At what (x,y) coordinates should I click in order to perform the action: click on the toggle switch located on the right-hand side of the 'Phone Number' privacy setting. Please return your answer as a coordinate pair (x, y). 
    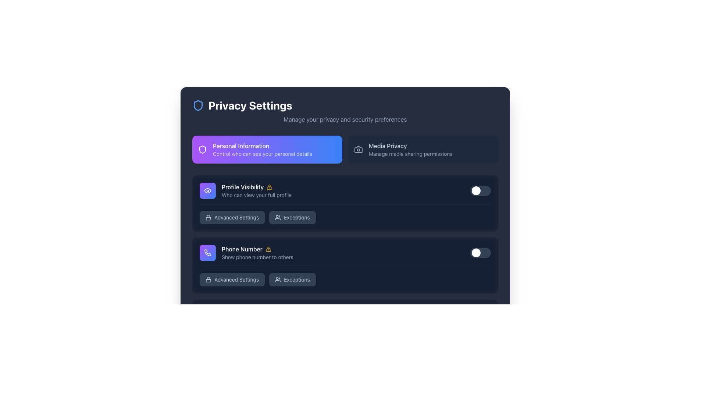
    Looking at the image, I should click on (480, 252).